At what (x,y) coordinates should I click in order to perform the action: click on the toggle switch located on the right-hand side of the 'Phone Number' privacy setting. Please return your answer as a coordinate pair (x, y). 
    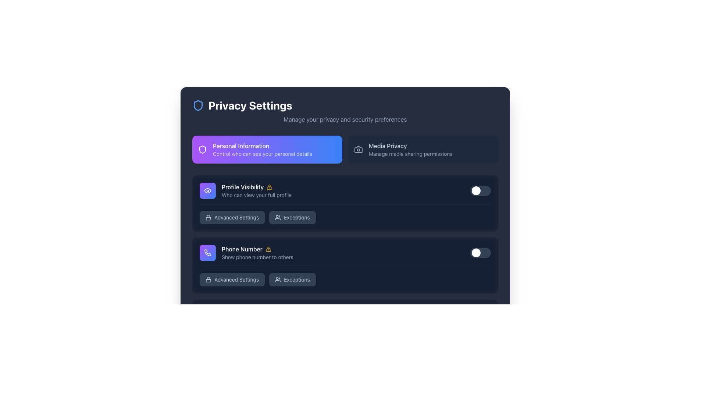
    Looking at the image, I should click on (480, 252).